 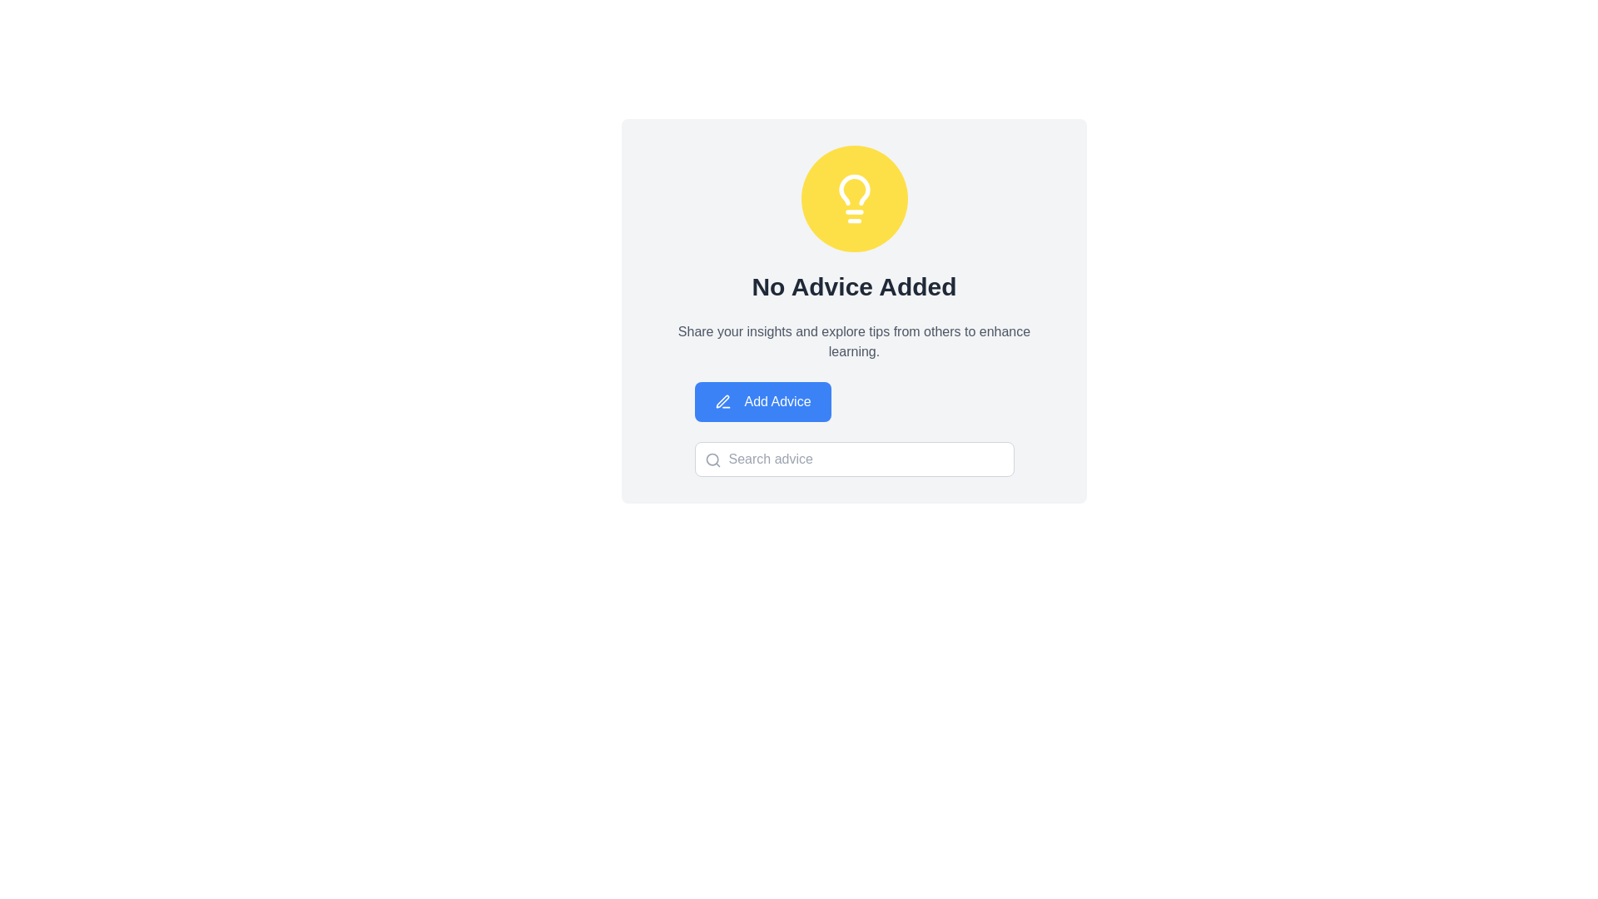 I want to click on the informative text block located underneath the 'No Advice Added' heading and above the 'Add Advice' button, so click(x=854, y=341).